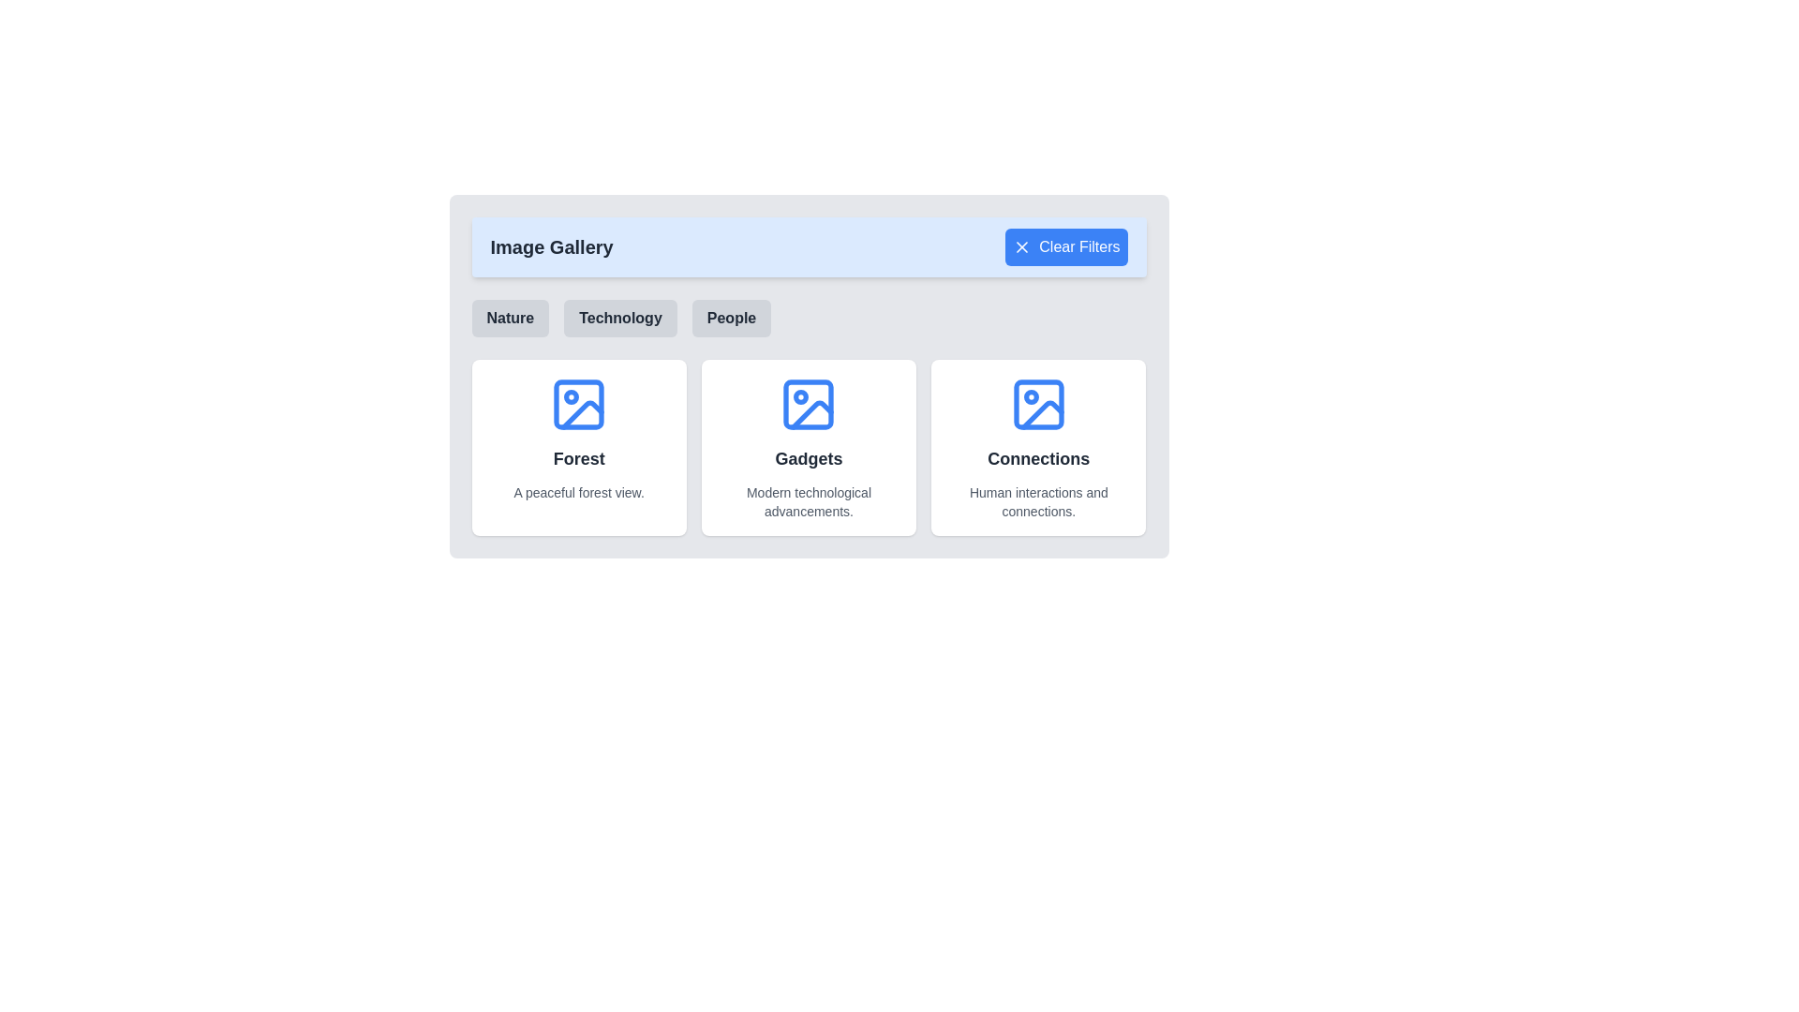 Image resolution: width=1799 pixels, height=1012 pixels. I want to click on the icon representing the 'Connections' category within the gallery, so click(1037, 404).